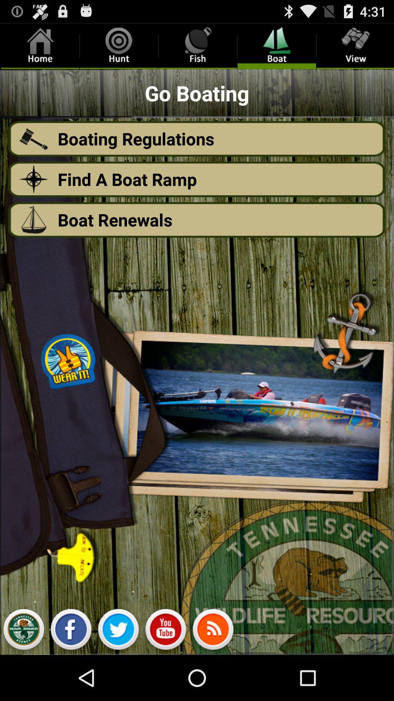  I want to click on facebook page, so click(71, 631).